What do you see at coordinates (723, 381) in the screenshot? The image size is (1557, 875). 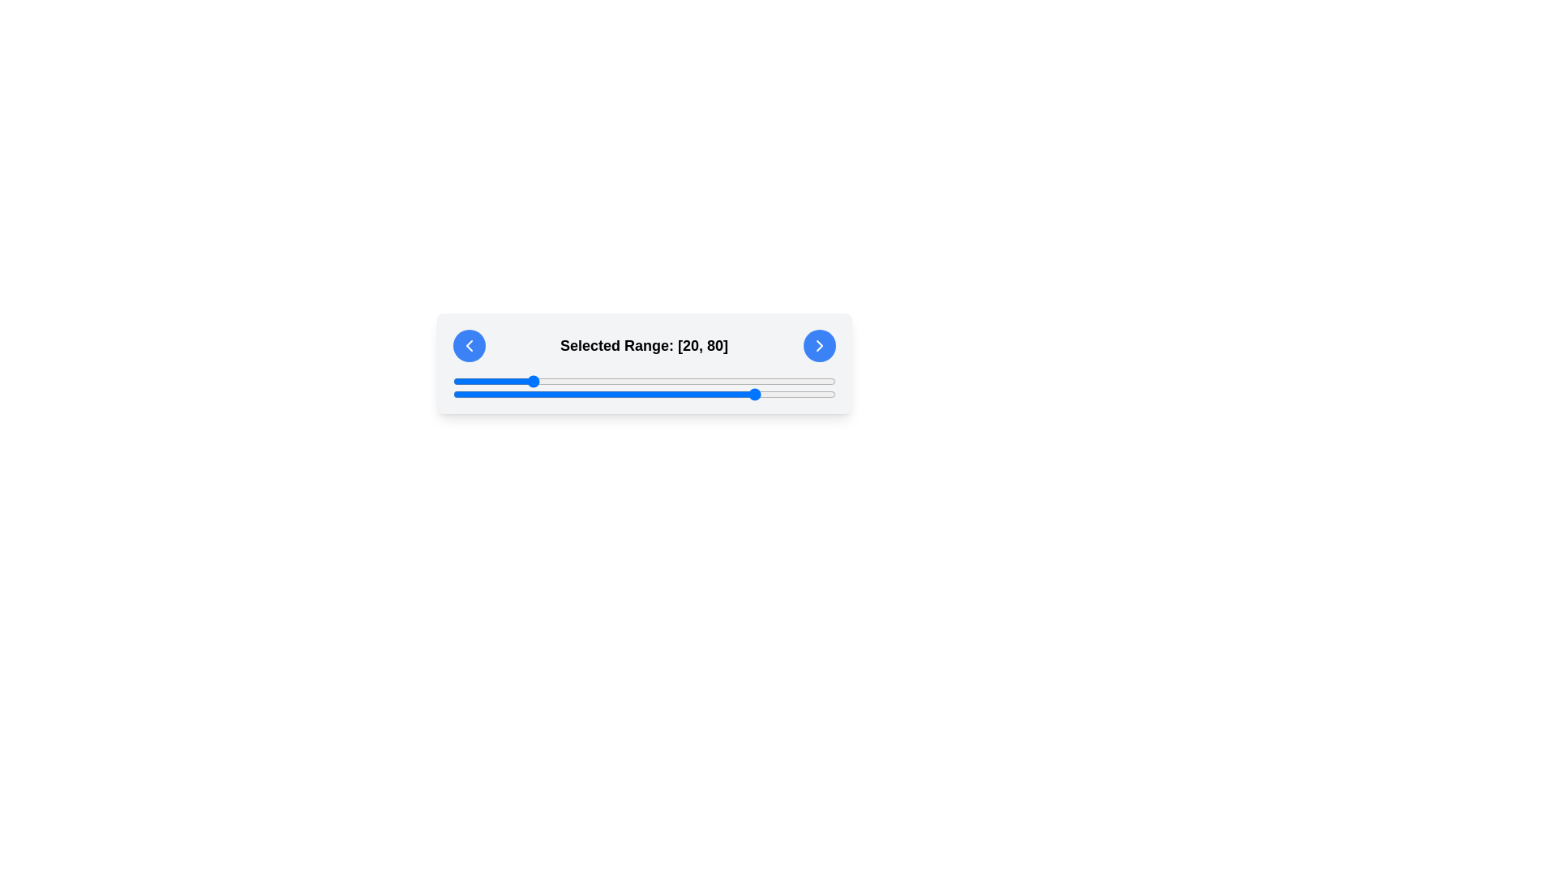 I see `slider value` at bounding box center [723, 381].